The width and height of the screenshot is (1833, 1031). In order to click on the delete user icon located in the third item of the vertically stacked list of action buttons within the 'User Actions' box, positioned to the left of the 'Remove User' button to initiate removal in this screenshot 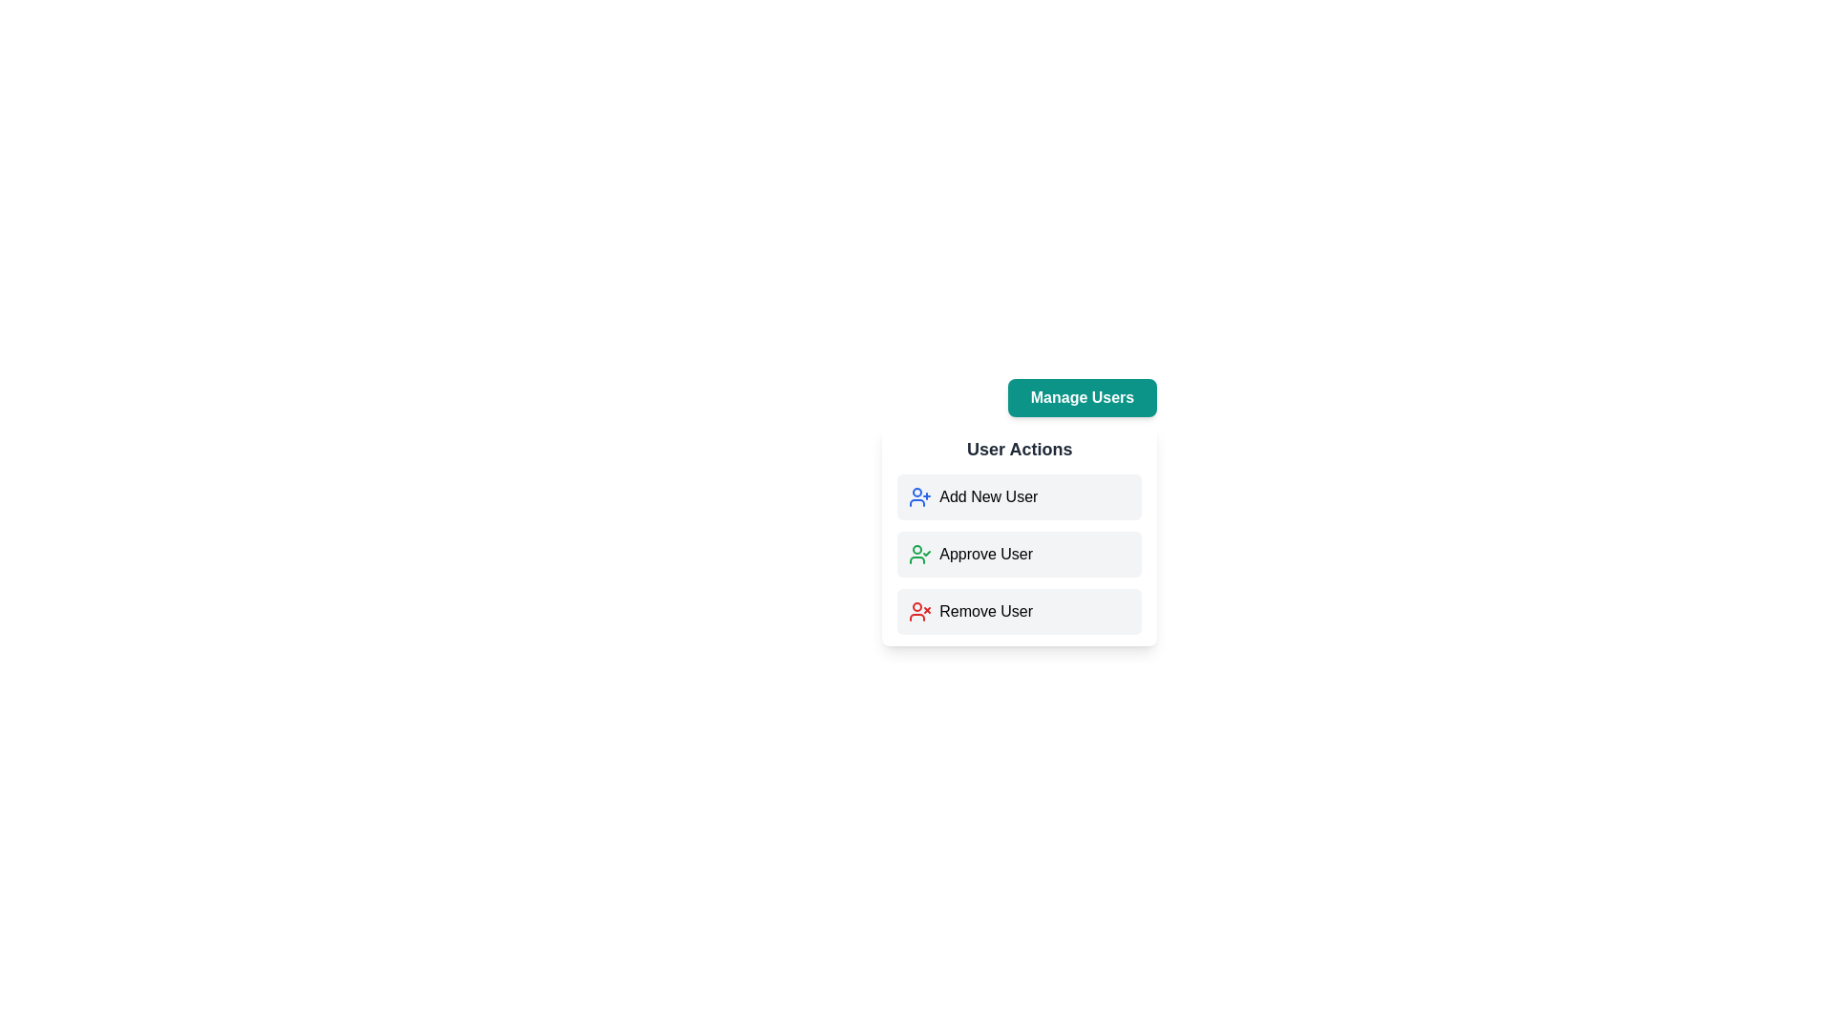, I will do `click(920, 611)`.